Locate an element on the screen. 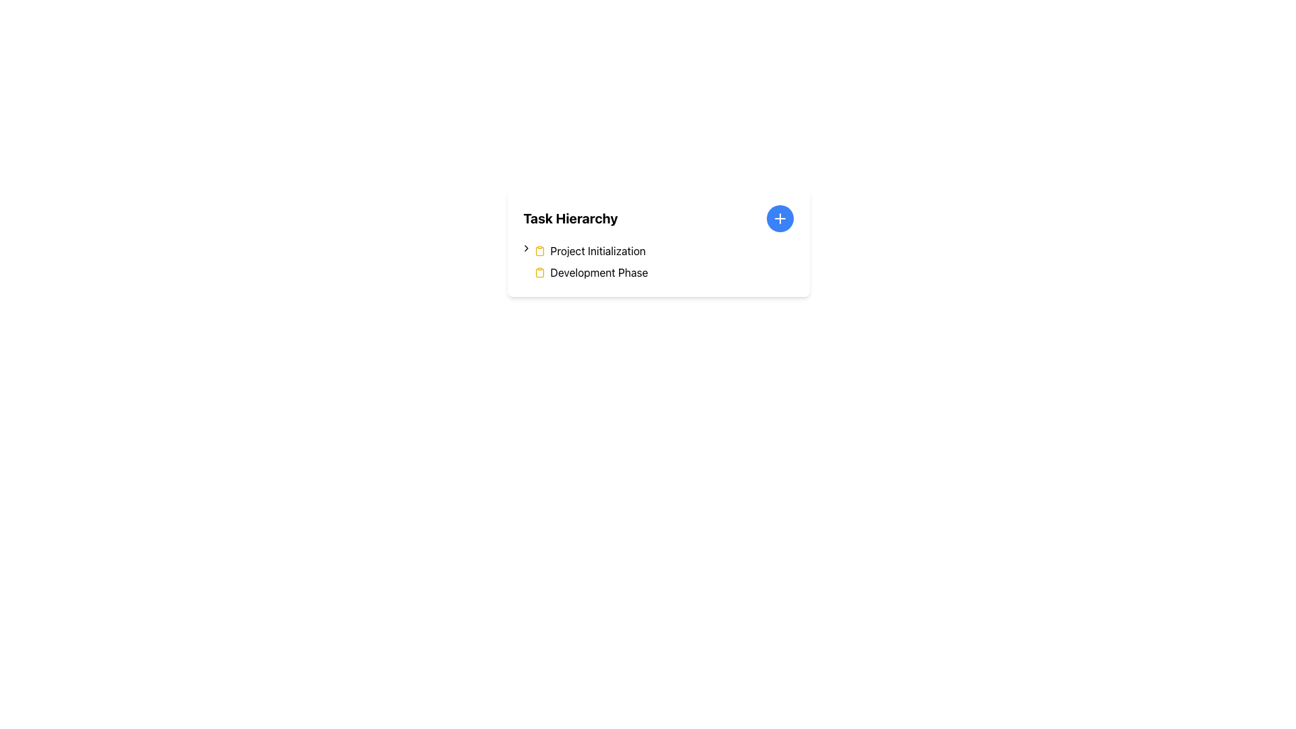  the yellow clipboard icon located to the left of the text 'Project Initialization' is located at coordinates (539, 250).